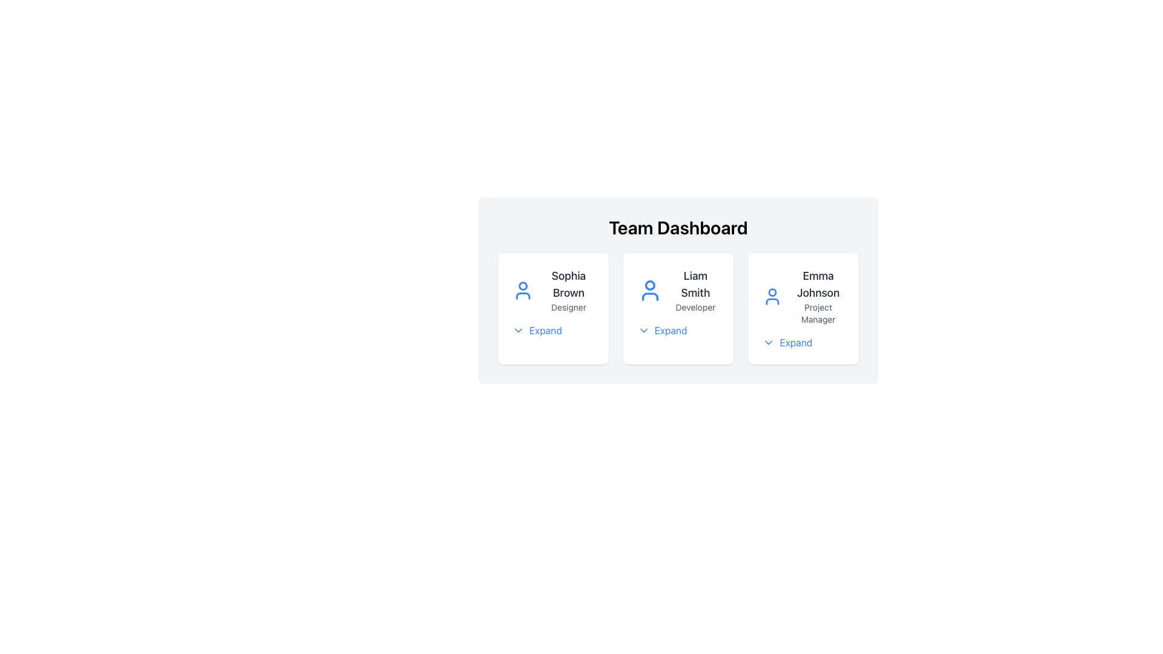 This screenshot has height=654, width=1163. What do you see at coordinates (649, 297) in the screenshot?
I see `the torso portion of the user icon, which is part of an SVG icon located in the second card under the title 'Liam Smith'` at bounding box center [649, 297].